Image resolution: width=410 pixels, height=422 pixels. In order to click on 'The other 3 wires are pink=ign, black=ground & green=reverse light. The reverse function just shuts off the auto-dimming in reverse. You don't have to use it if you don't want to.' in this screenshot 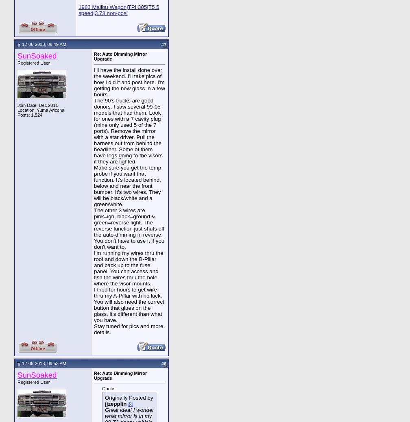, I will do `click(129, 228)`.